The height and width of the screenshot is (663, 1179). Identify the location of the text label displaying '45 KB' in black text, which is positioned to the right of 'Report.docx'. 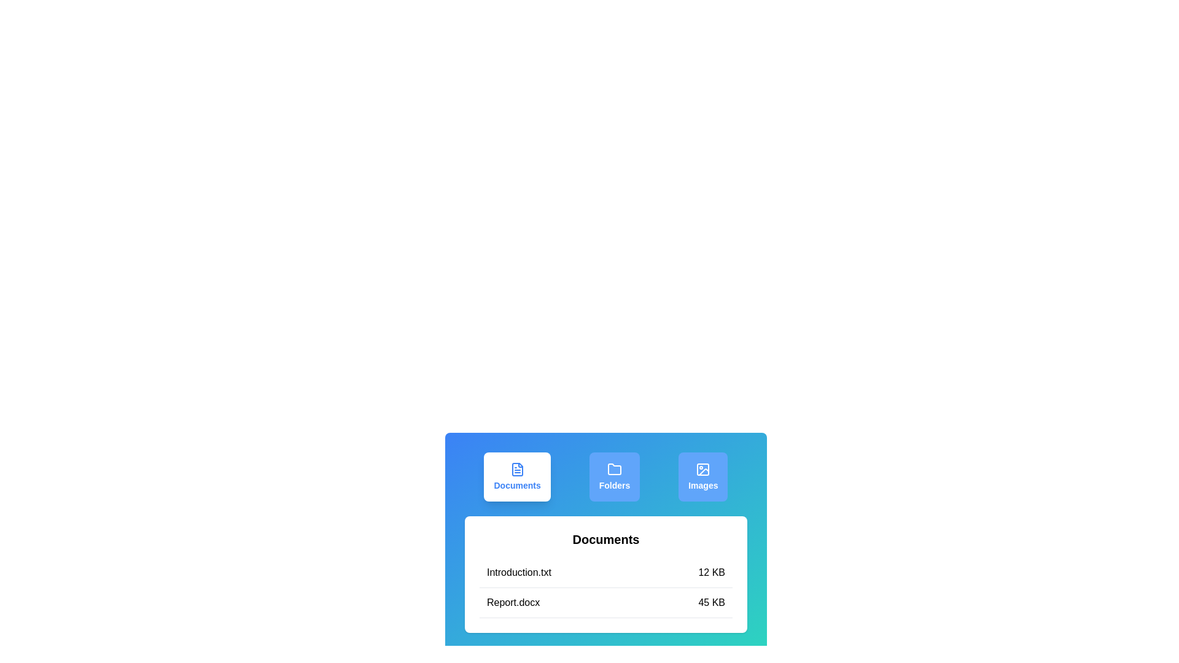
(712, 602).